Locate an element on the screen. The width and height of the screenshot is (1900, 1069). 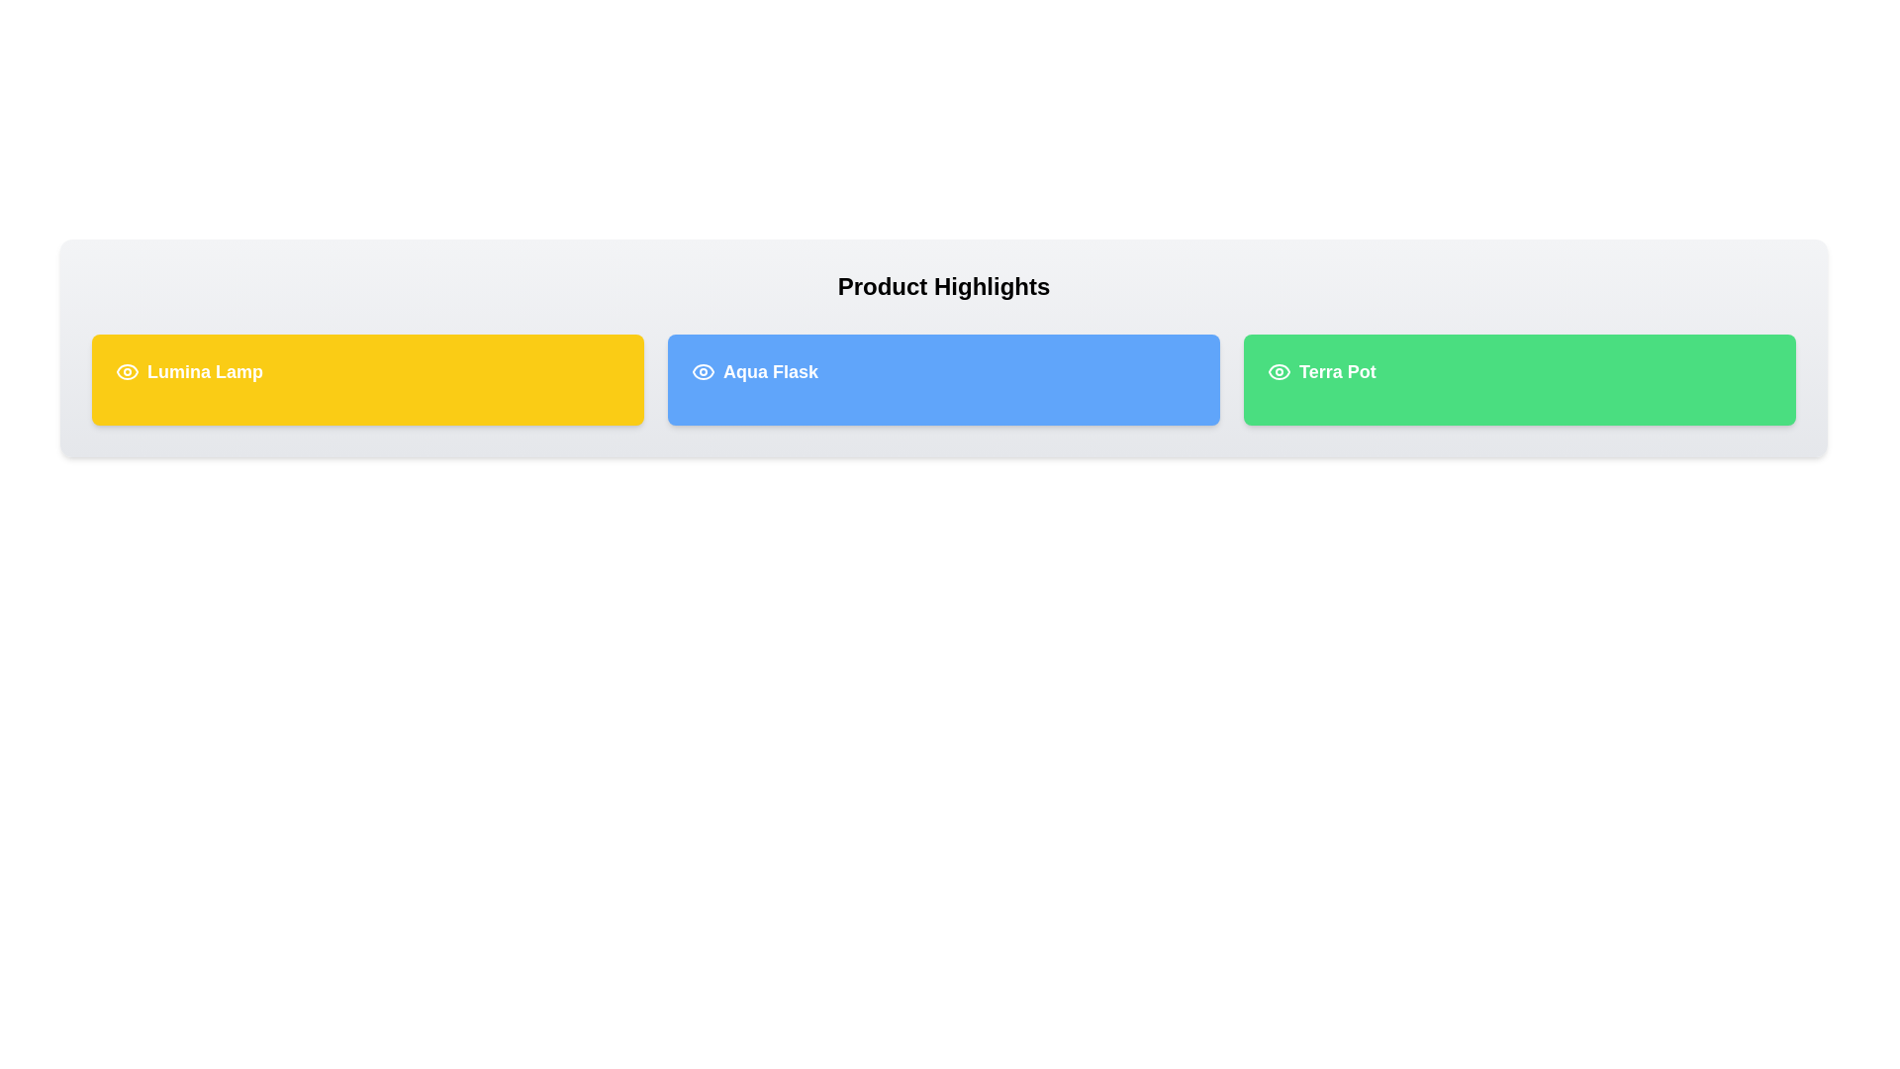
the yellow rectangular card element labeled 'Lumina Lamp', which is the first card in a grid of three items is located at coordinates (368, 380).